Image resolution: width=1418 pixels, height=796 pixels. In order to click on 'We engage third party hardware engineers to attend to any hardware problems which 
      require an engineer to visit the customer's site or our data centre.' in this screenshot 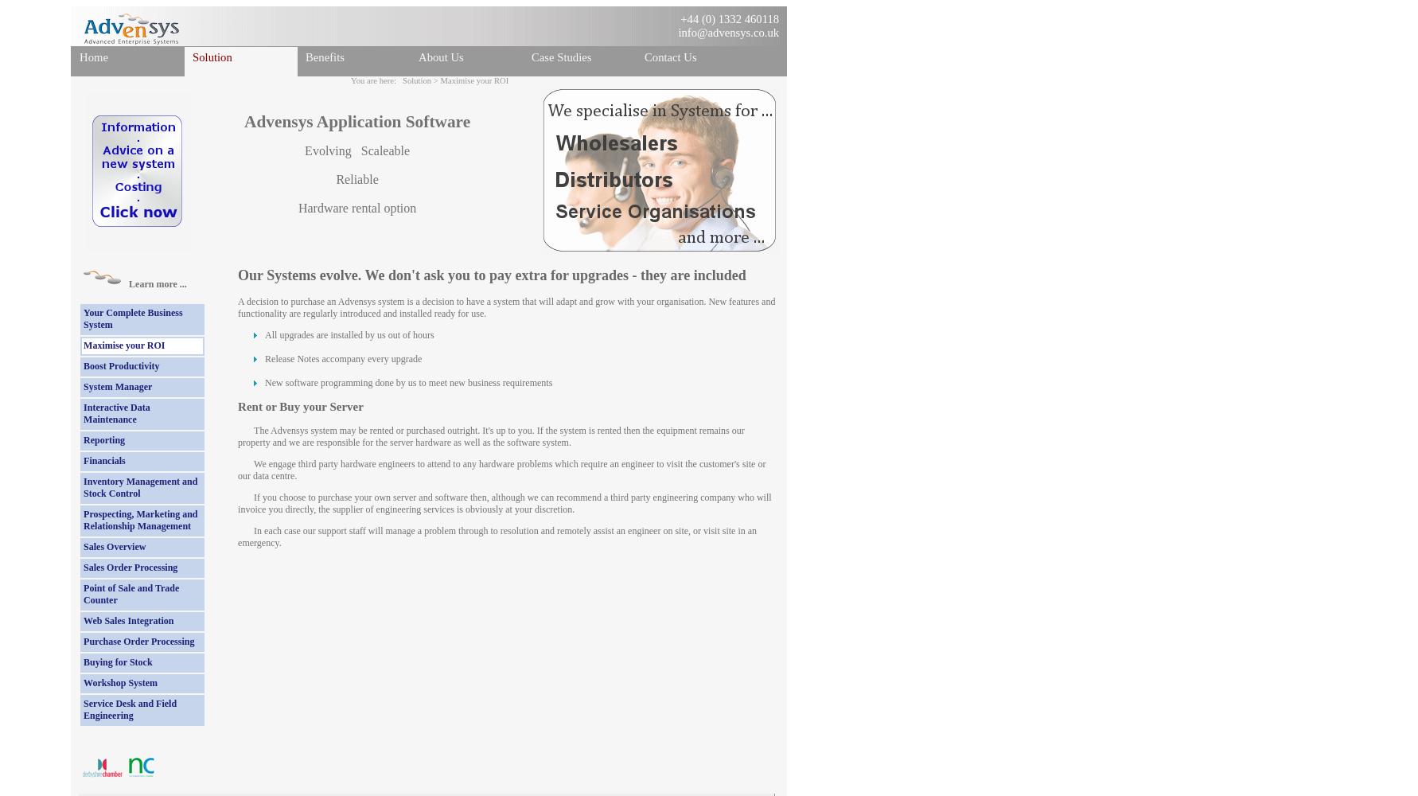, I will do `click(501, 468)`.